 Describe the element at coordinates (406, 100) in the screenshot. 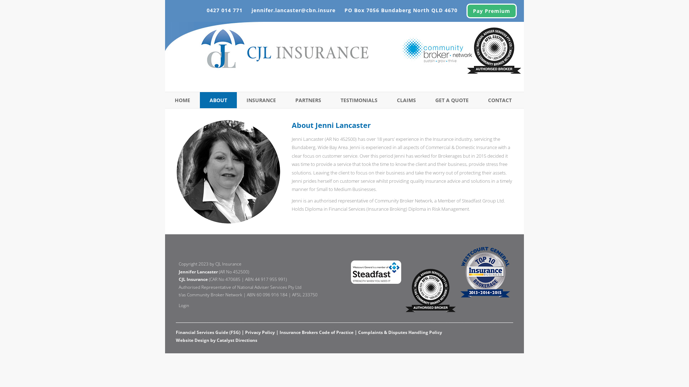

I see `'CLAIMS'` at that location.